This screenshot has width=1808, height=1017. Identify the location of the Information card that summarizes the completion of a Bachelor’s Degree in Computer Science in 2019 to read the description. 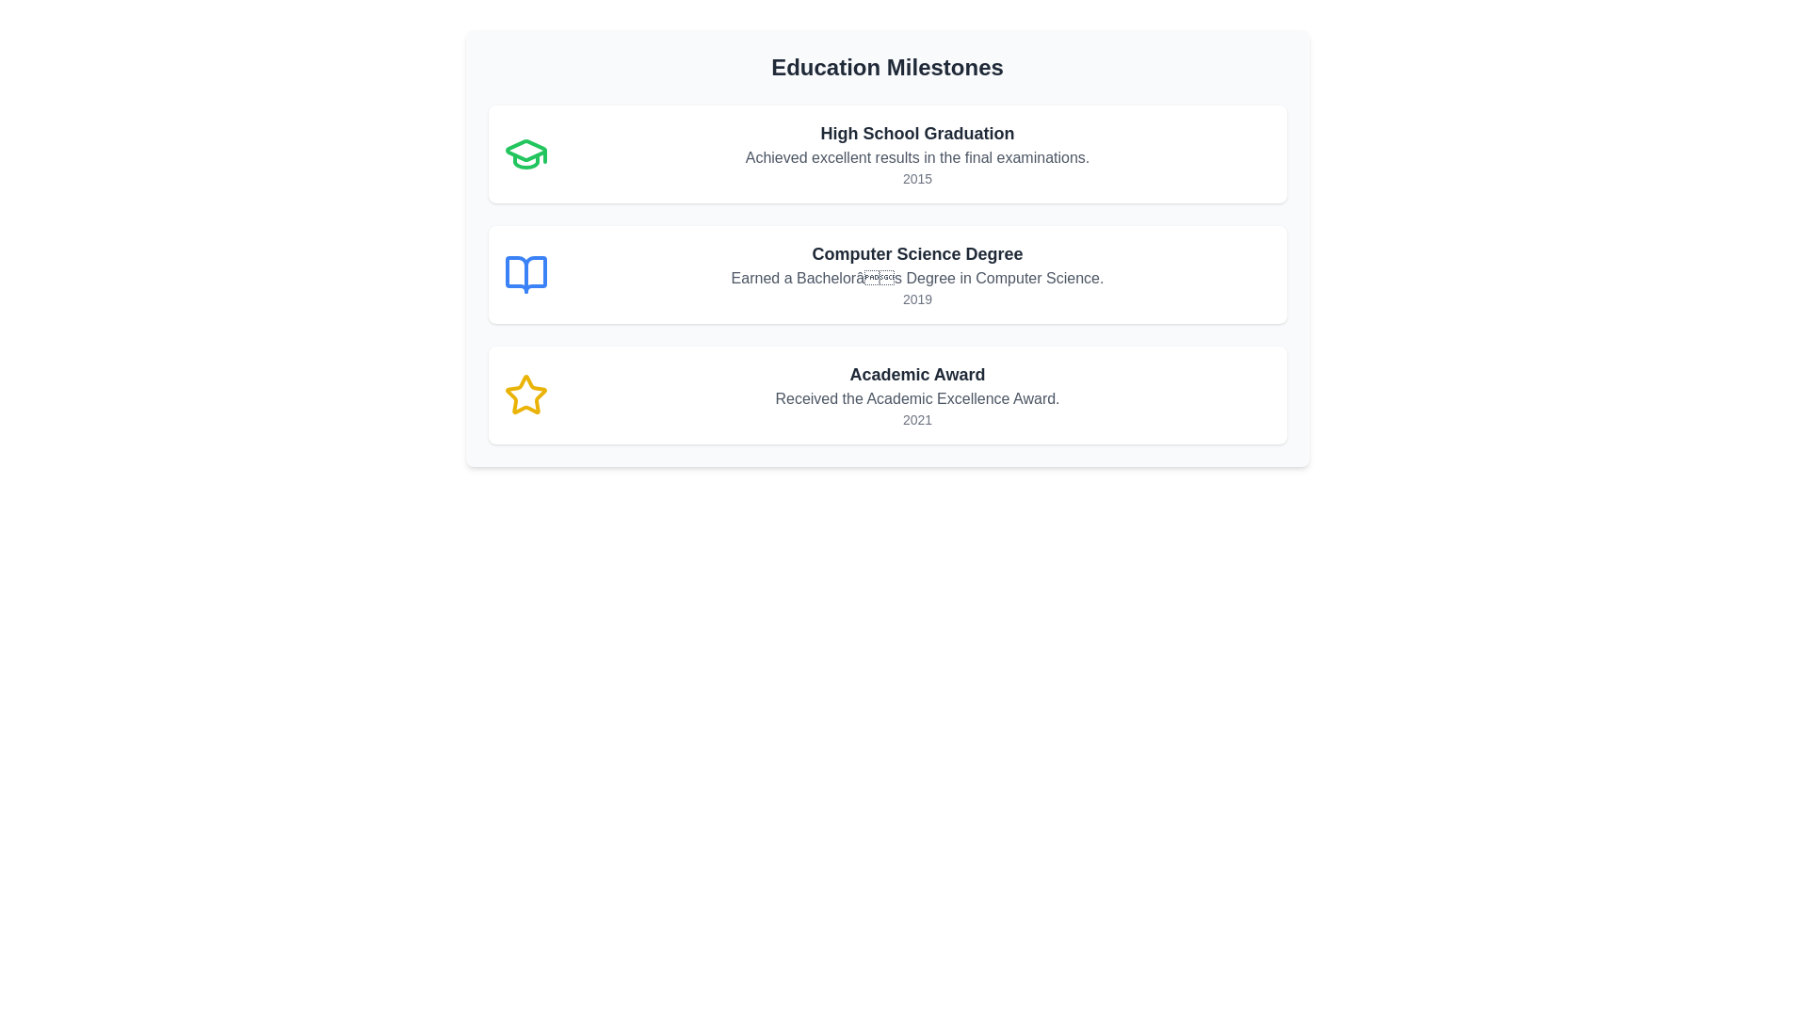
(886, 275).